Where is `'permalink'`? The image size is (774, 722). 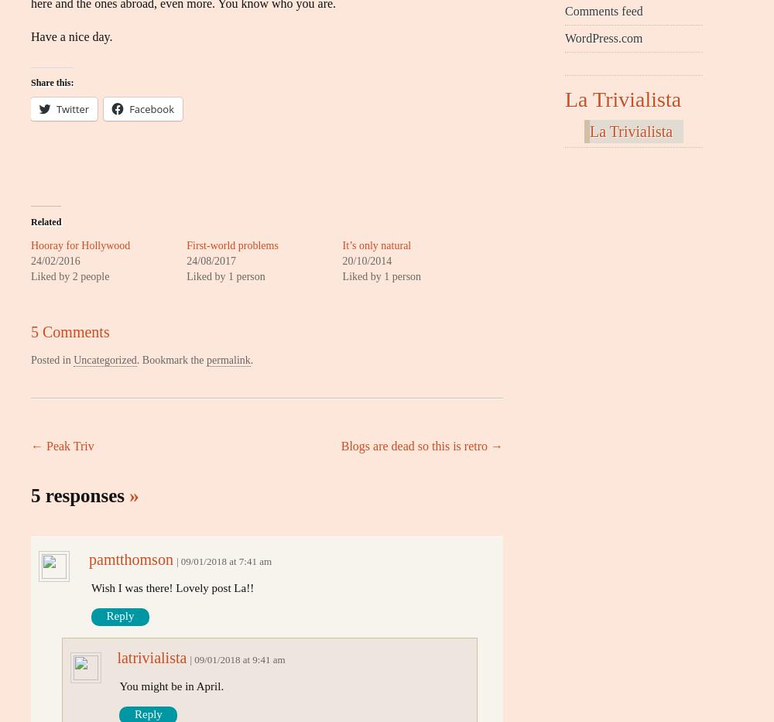
'permalink' is located at coordinates (228, 359).